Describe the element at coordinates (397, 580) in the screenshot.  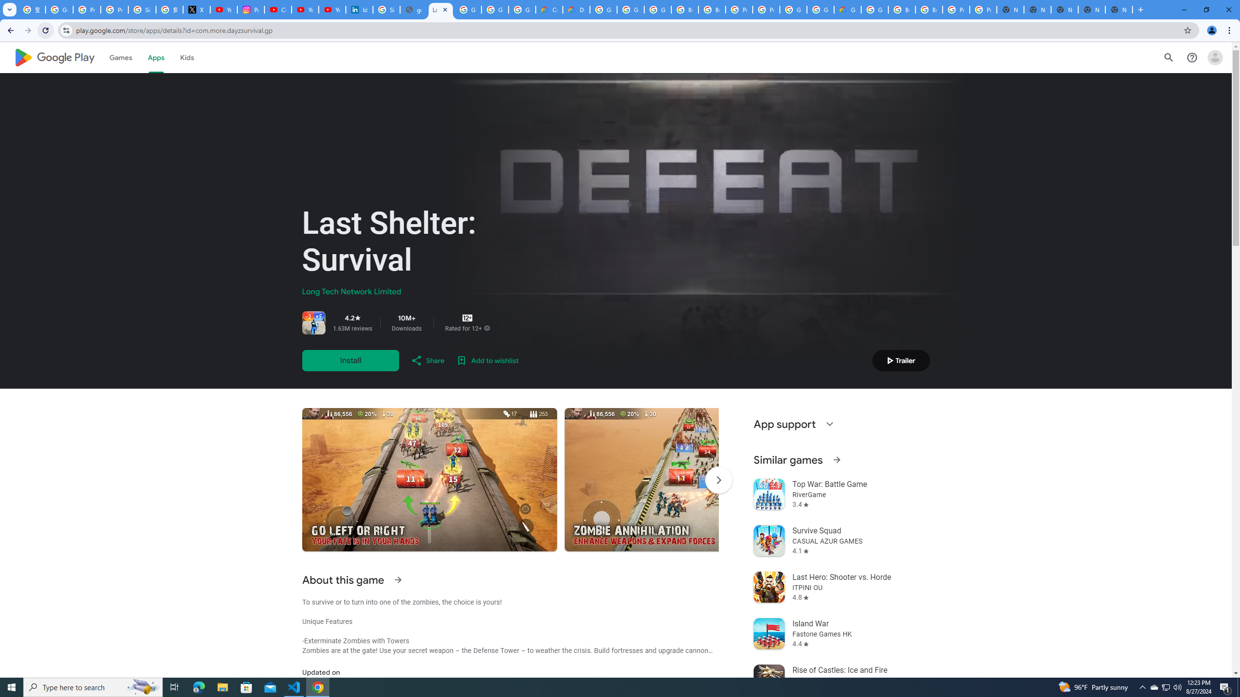
I see `'See more information on About this game'` at that location.